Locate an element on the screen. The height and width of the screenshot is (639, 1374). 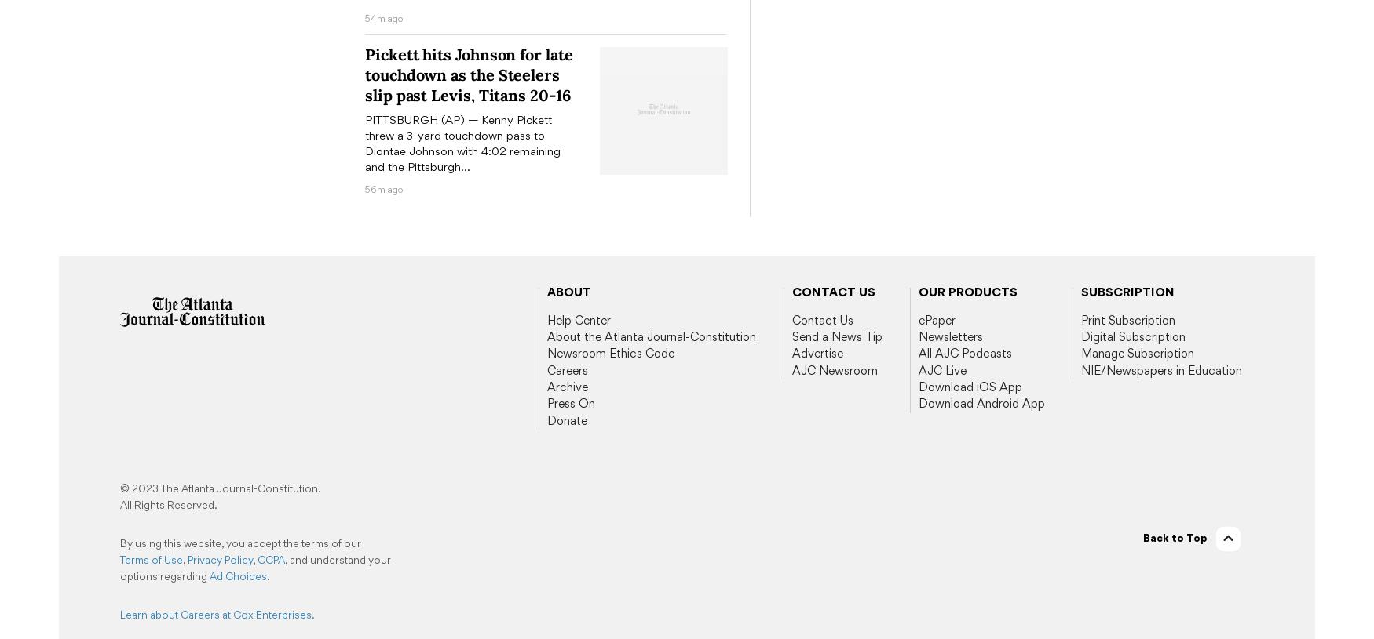
'Pickett hits Johnson for late touchdown as the Steelers slip past Levis, Titans 20-16' is located at coordinates (468, 73).